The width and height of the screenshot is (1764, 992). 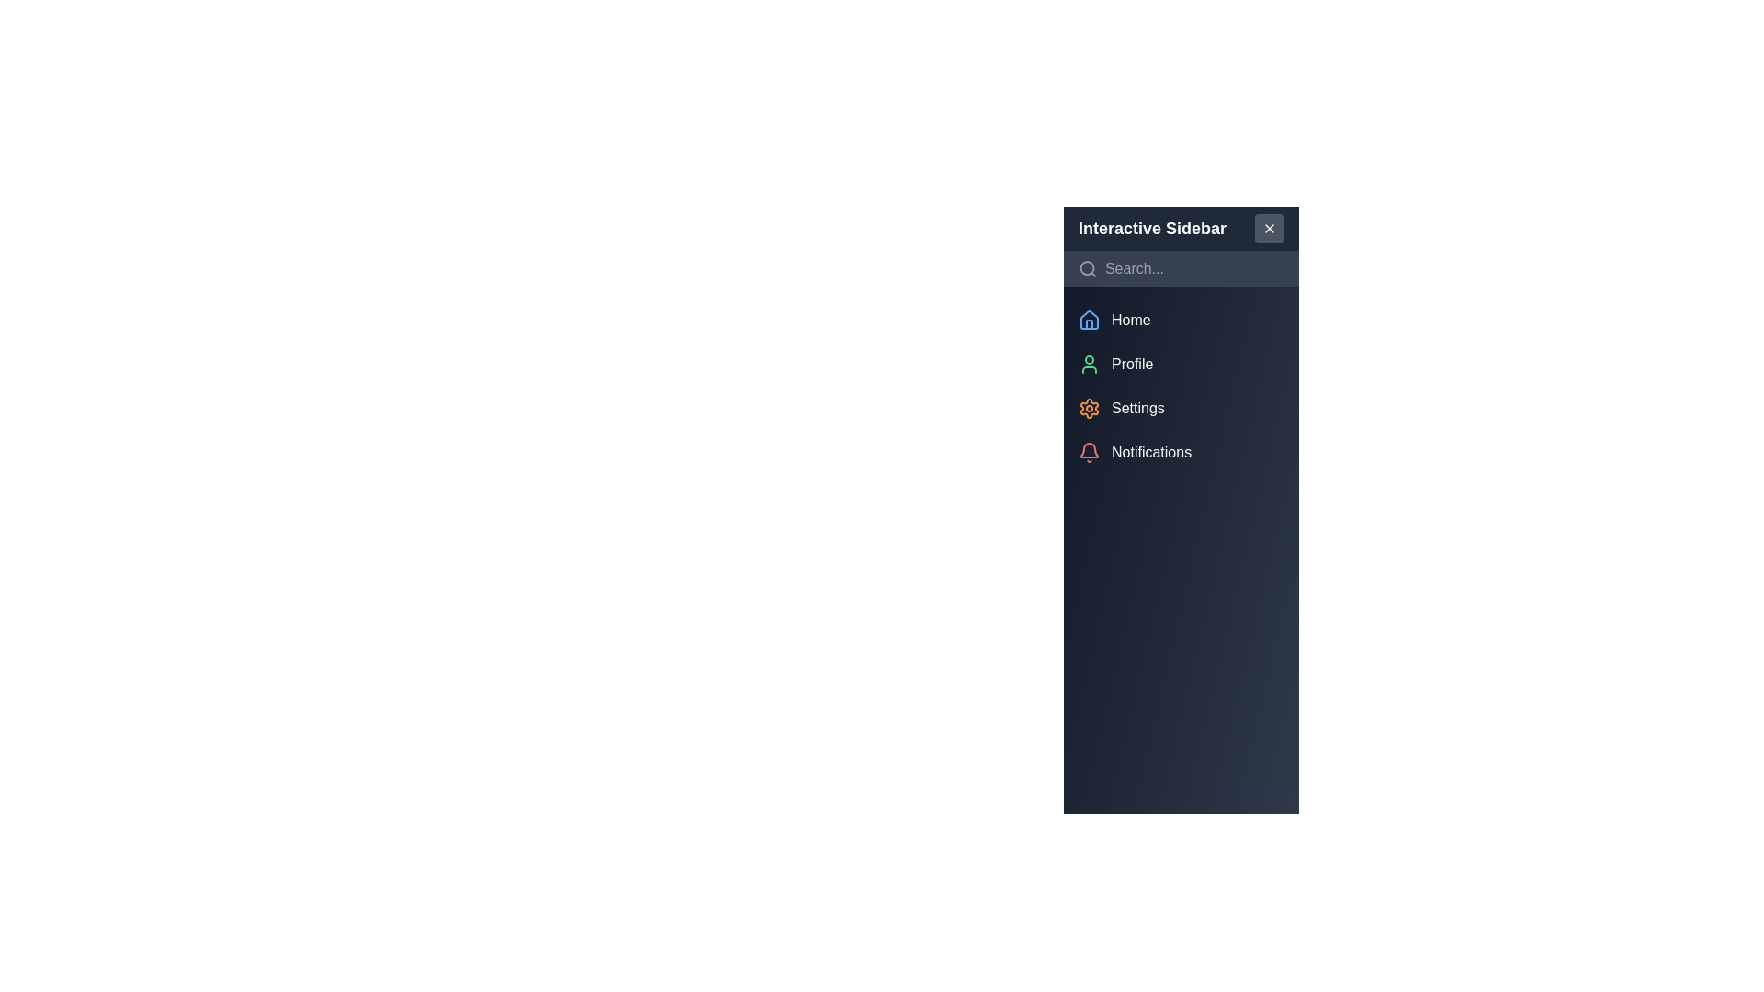 I want to click on the close button located on the far right of the 'Interactive Sidebar' header to hide the sidebar, so click(x=1269, y=228).